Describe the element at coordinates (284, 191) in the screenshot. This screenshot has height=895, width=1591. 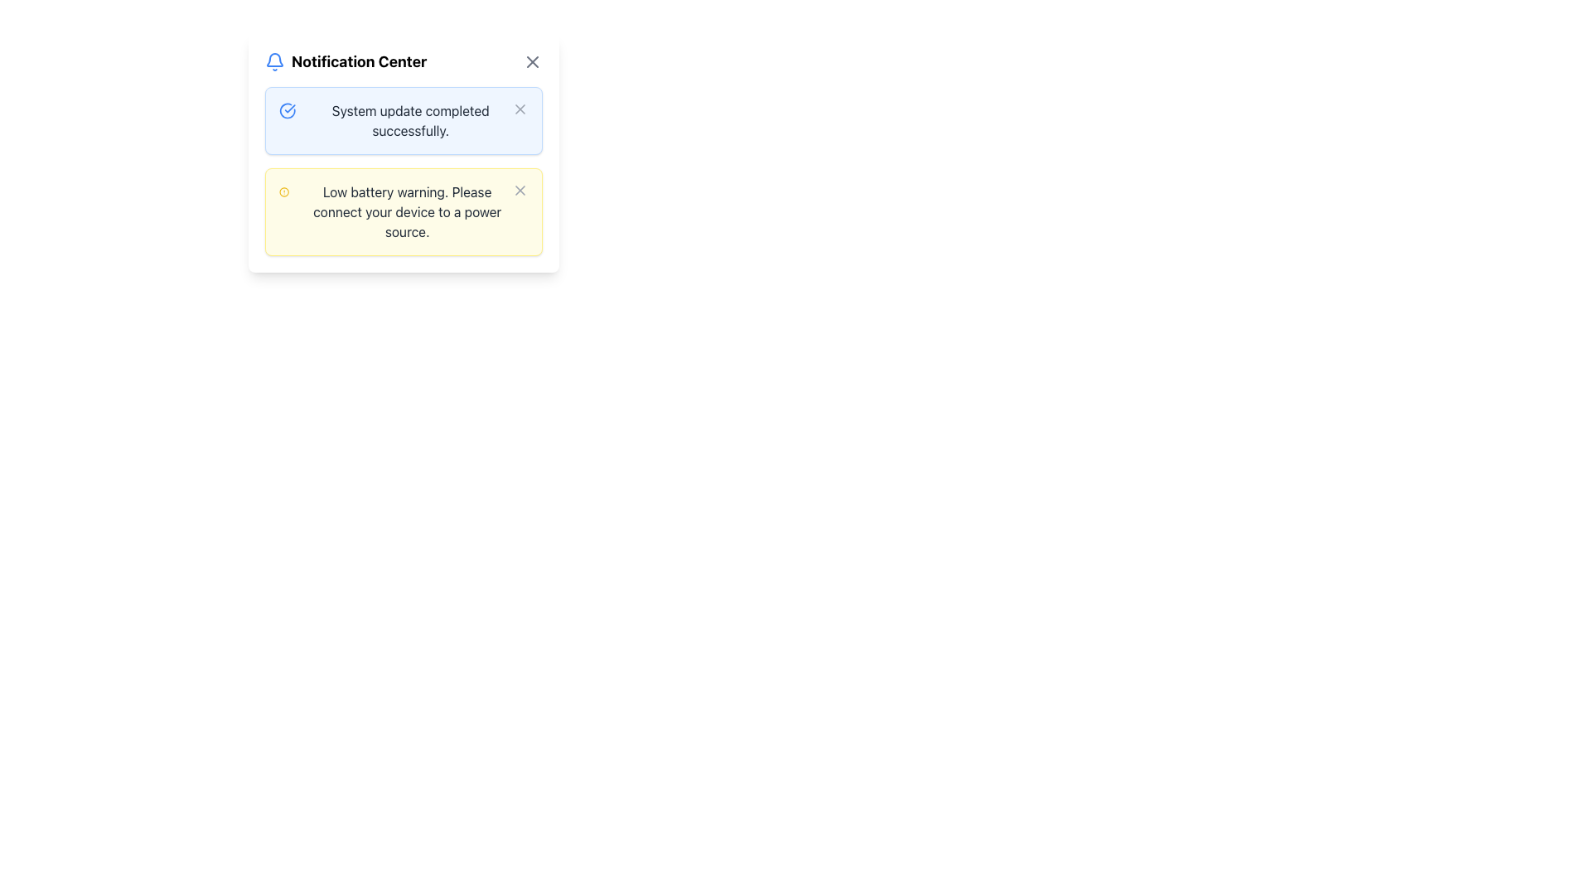
I see `the yellow alert circle which is the innermost shape of the alert icon, located to the left of the 'Low battery warning. Please connect your device to a power source.' text` at that location.